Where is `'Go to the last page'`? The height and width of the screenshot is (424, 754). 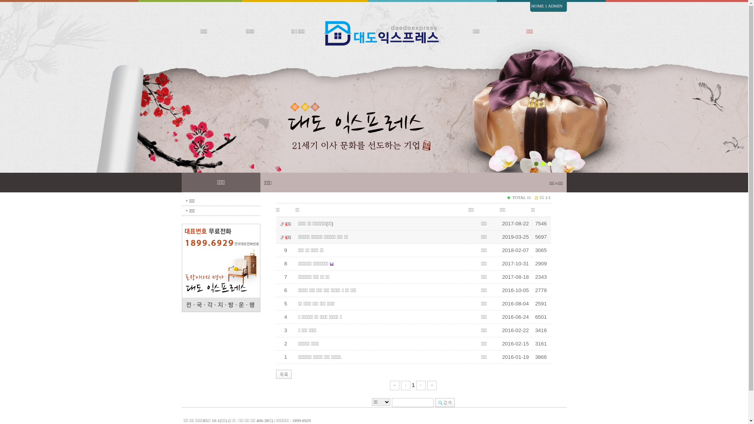 'Go to the last page' is located at coordinates (431, 384).